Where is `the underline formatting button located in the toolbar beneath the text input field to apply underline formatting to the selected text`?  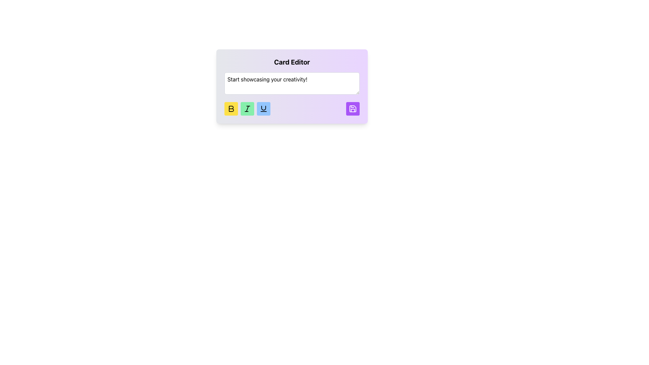 the underline formatting button located in the toolbar beneath the text input field to apply underline formatting to the selected text is located at coordinates (263, 108).